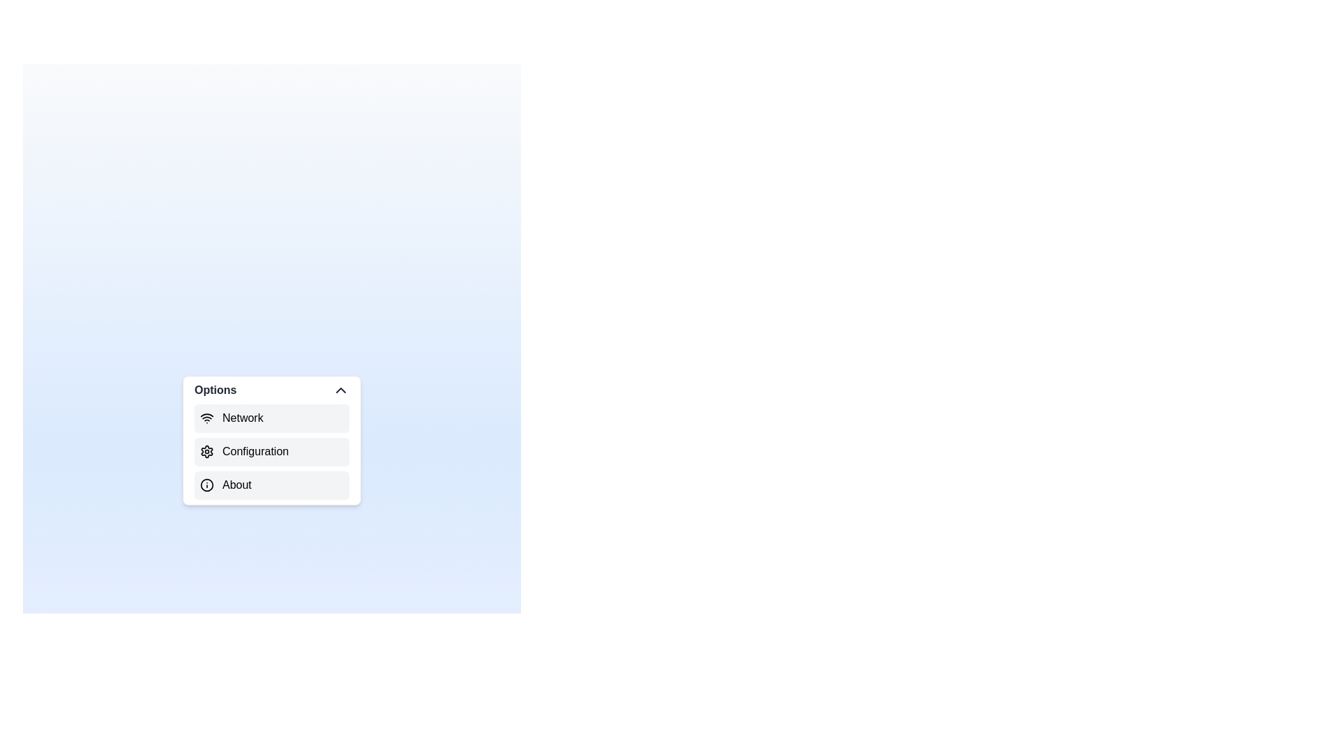 Image resolution: width=1339 pixels, height=753 pixels. Describe the element at coordinates (271, 452) in the screenshot. I see `the menu item labeled Configuration to explore its options` at that location.